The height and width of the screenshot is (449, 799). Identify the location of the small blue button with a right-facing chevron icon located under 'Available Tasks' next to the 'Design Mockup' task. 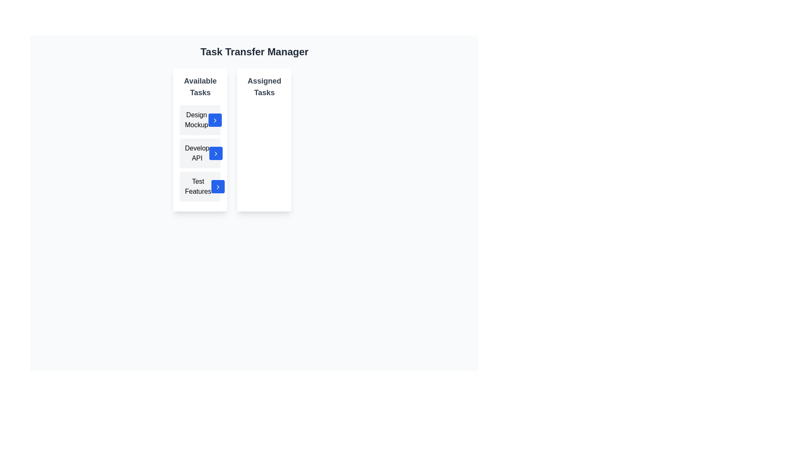
(215, 120).